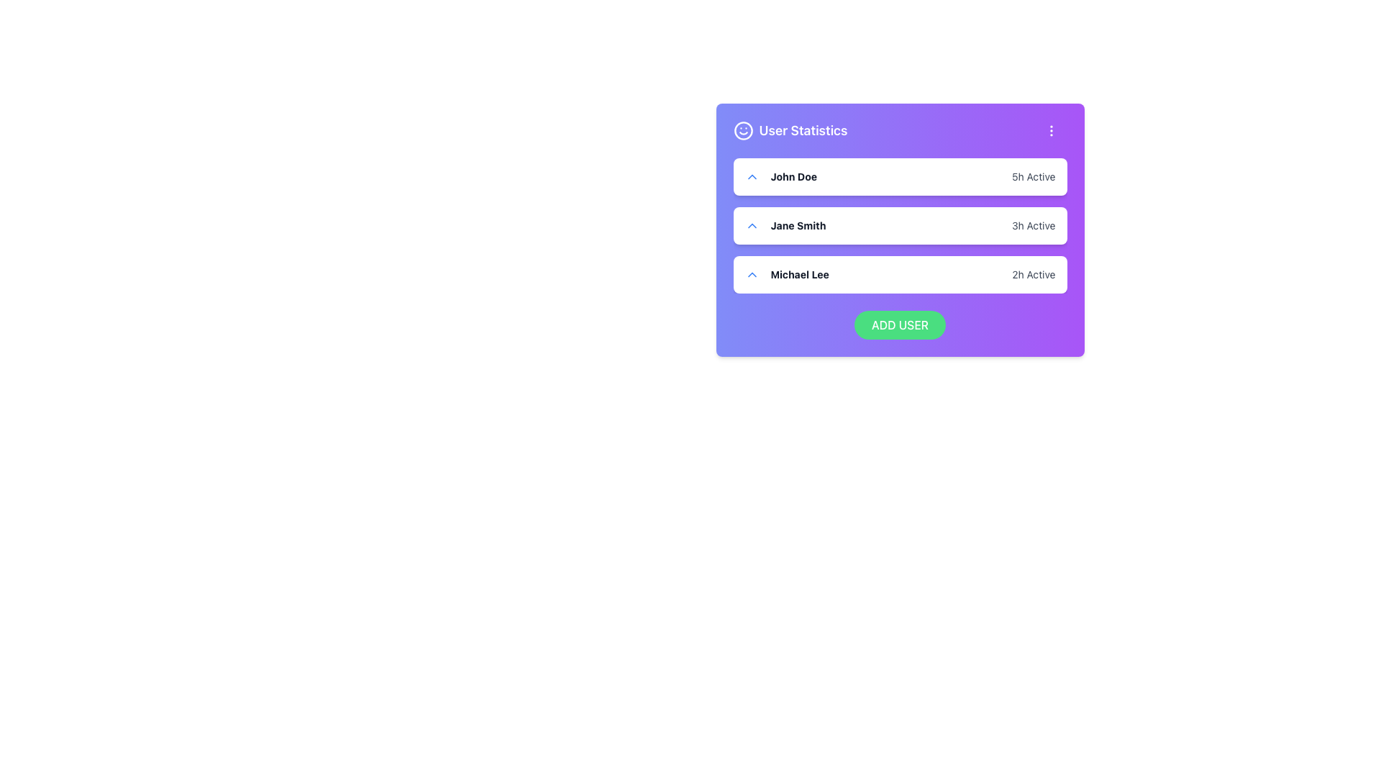 The width and height of the screenshot is (1381, 777). I want to click on the chevron icon located in the topmost user row under 'User Statistics' to interact with the collapse/expand functionality, so click(751, 176).